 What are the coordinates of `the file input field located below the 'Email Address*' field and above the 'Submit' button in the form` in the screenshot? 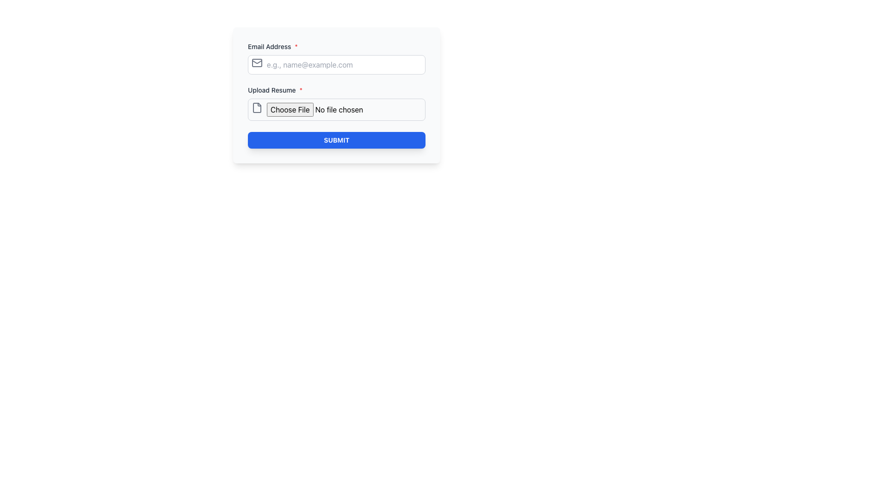 It's located at (336, 103).